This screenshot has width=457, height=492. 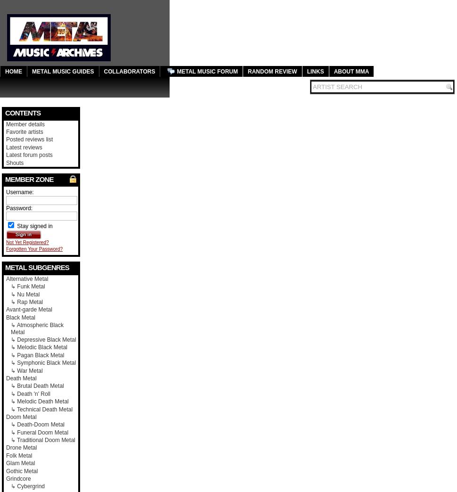 What do you see at coordinates (36, 267) in the screenshot?
I see `'Metal Subgenres'` at bounding box center [36, 267].